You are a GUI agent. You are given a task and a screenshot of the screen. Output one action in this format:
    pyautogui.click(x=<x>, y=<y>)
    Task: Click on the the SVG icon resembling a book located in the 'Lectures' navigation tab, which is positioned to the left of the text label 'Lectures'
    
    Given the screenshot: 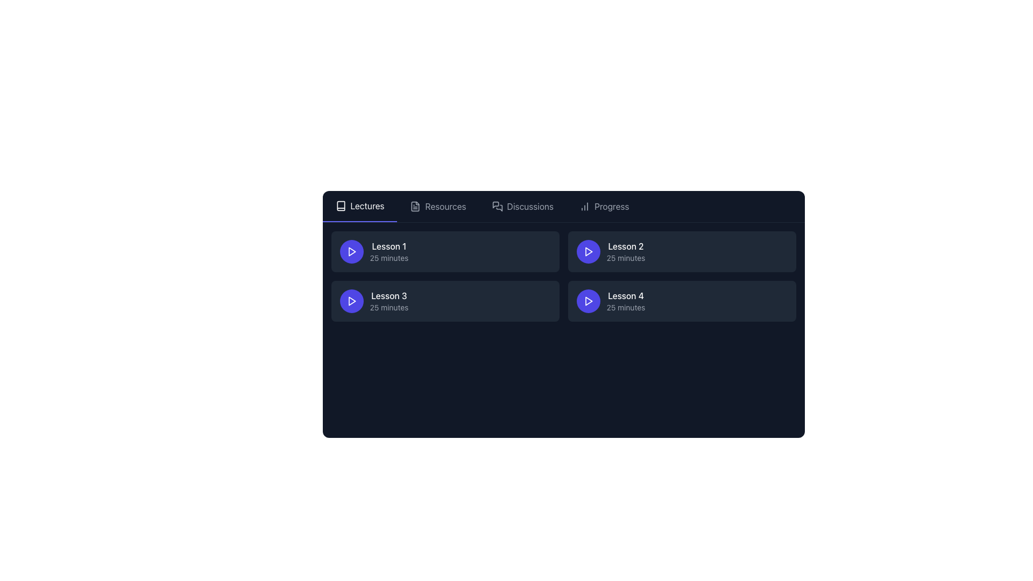 What is the action you would take?
    pyautogui.click(x=340, y=206)
    